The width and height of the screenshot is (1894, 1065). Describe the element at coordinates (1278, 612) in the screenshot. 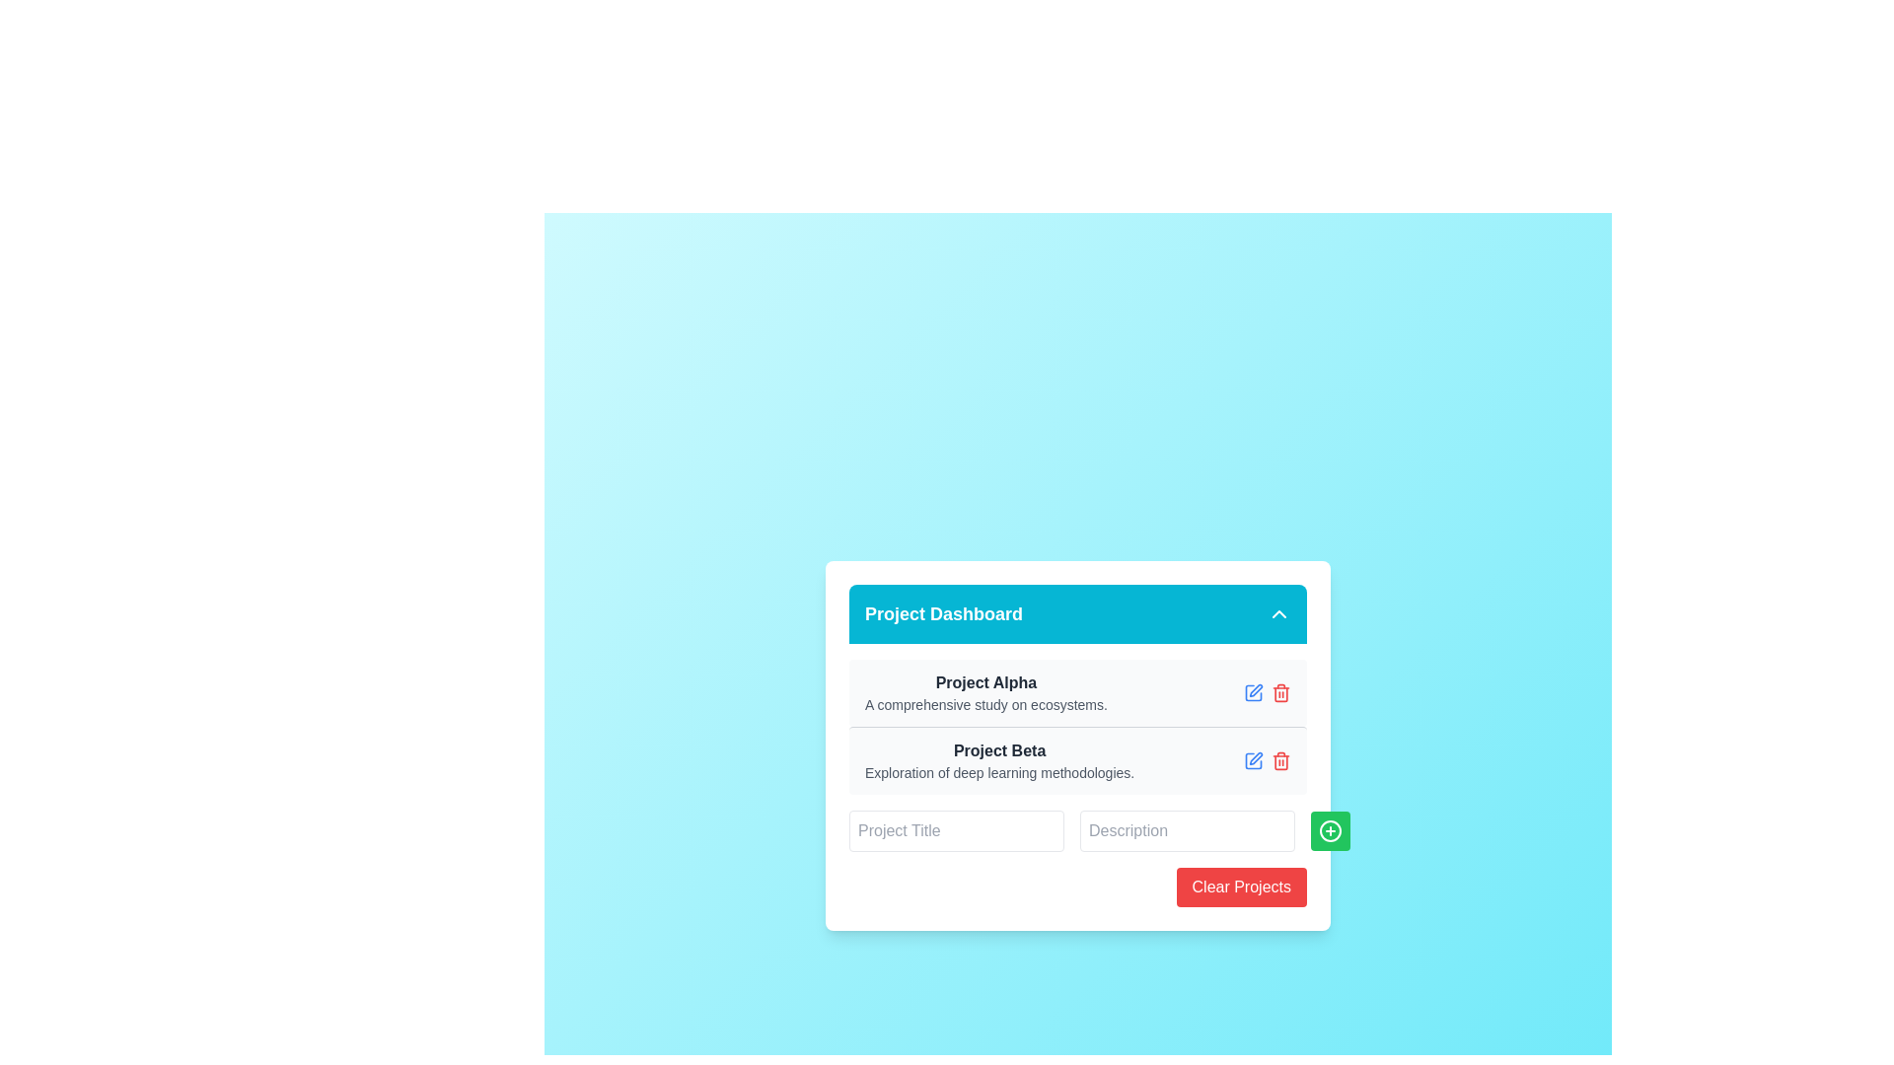

I see `the downward-facing chevron icon button with a white outline in the top-right corner of the cyan header bar labeled 'Project Dashboard'` at that location.